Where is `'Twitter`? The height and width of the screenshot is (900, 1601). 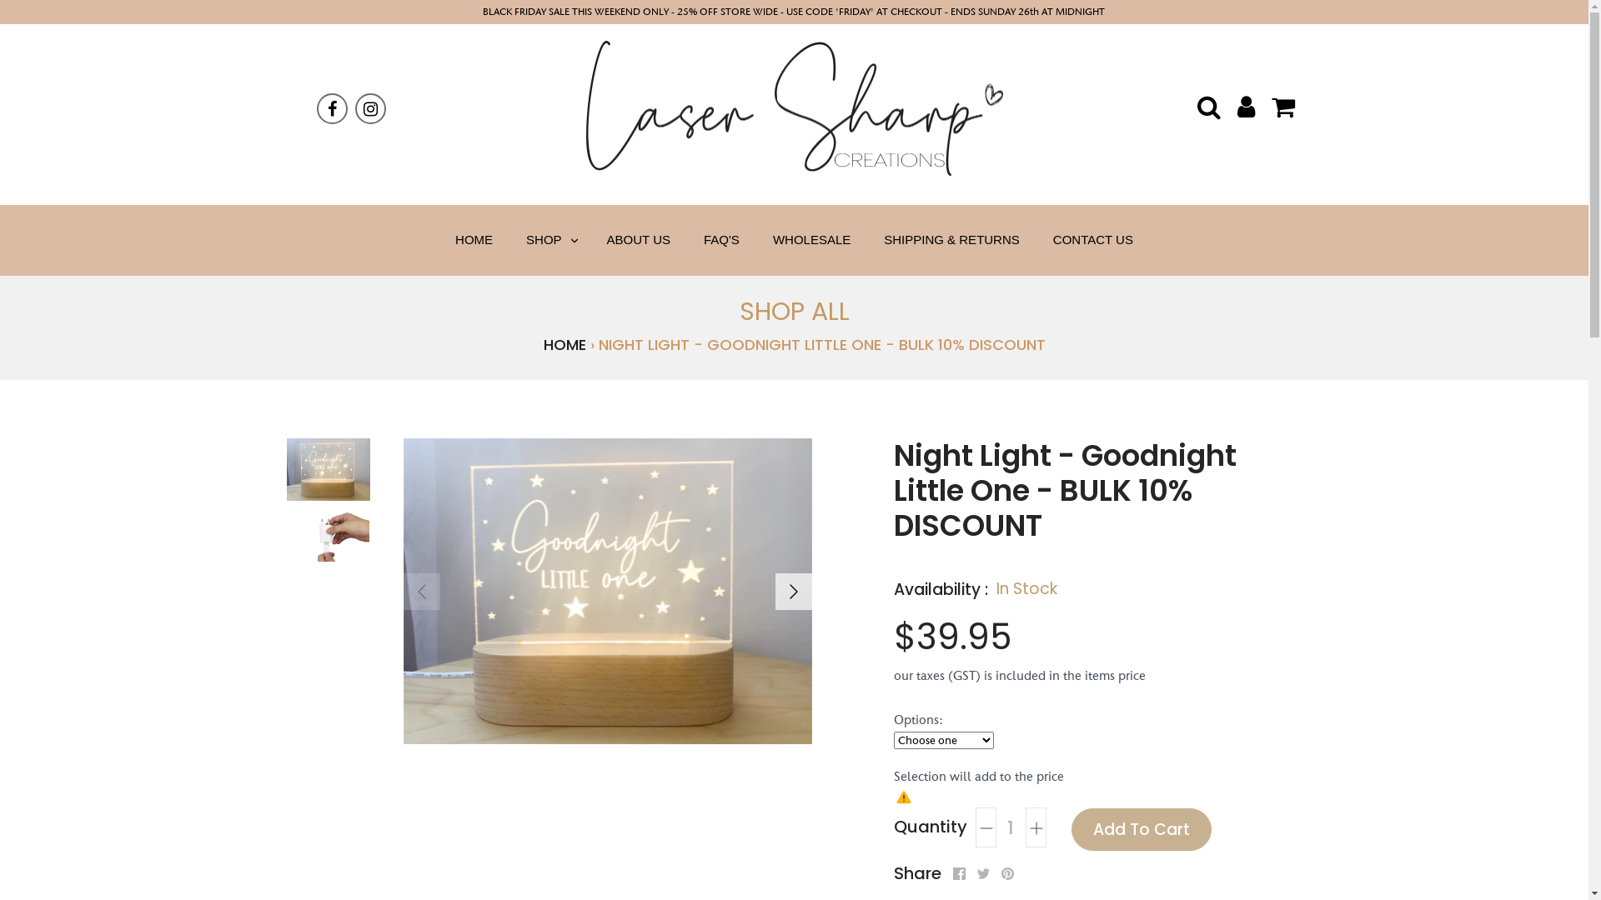
'Twitter is located at coordinates (983, 872).